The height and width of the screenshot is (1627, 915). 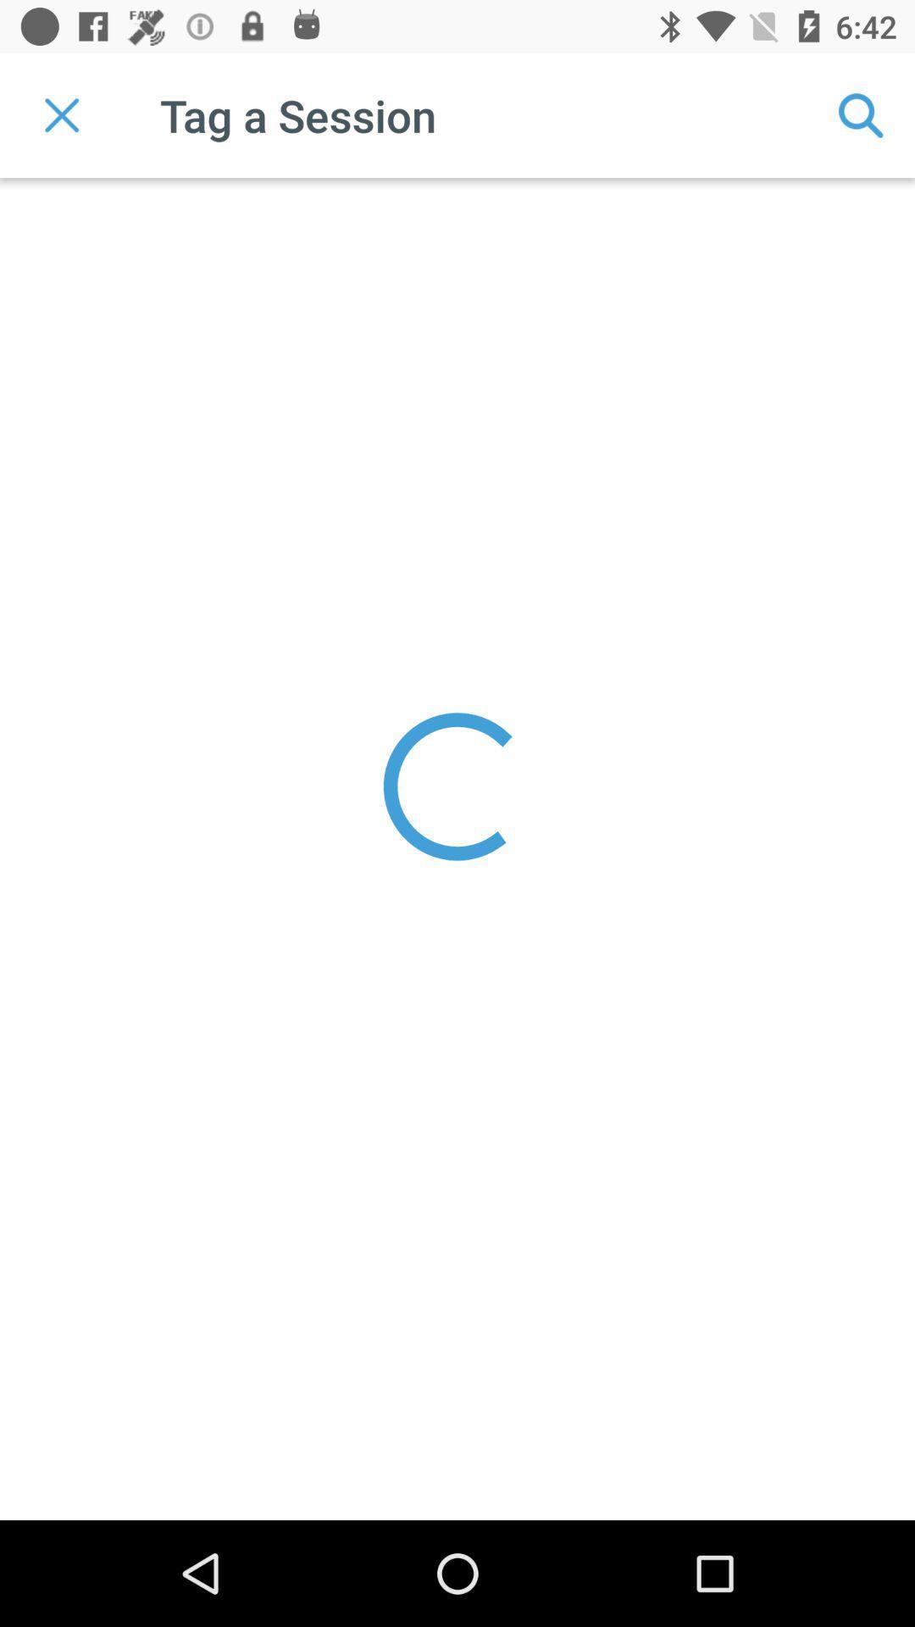 What do you see at coordinates (862, 114) in the screenshot?
I see `item next to the tag a session icon` at bounding box center [862, 114].